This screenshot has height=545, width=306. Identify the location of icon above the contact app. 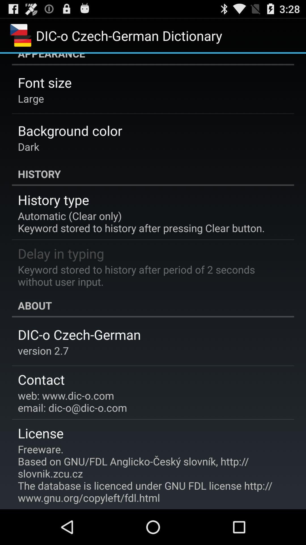
(43, 350).